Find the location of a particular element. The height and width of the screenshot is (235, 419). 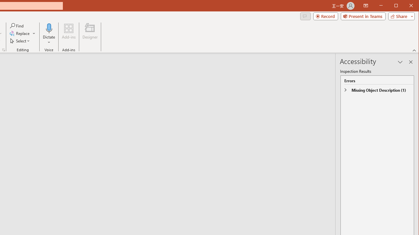

'Maximize' is located at coordinates (405, 6).